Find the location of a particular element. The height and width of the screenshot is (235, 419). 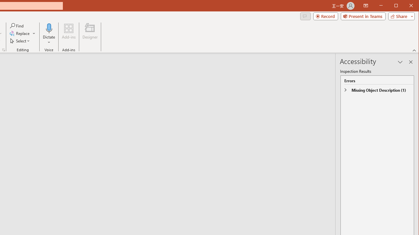

'Maximize' is located at coordinates (405, 6).